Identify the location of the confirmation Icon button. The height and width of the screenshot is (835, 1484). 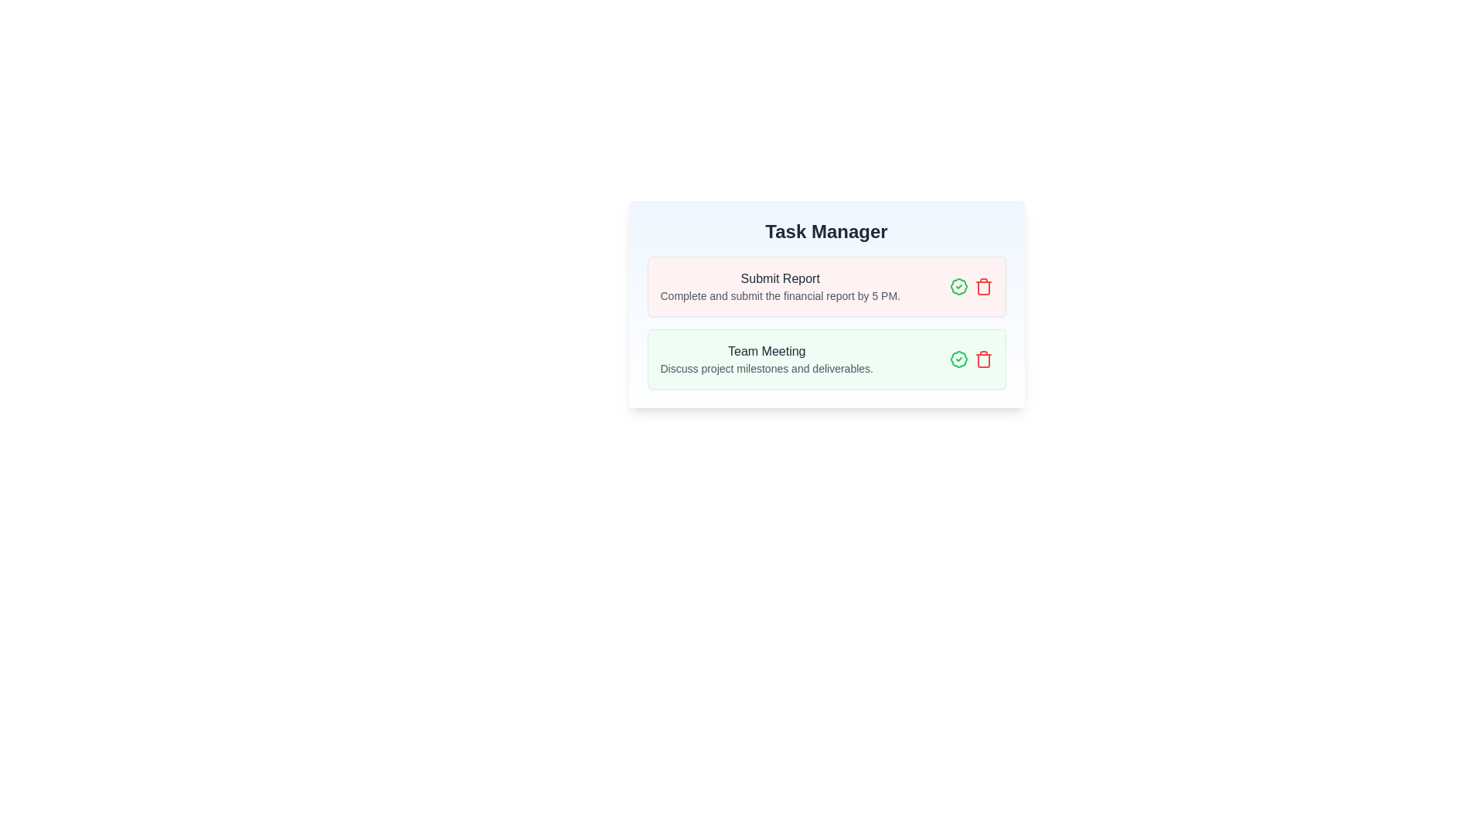
(958, 286).